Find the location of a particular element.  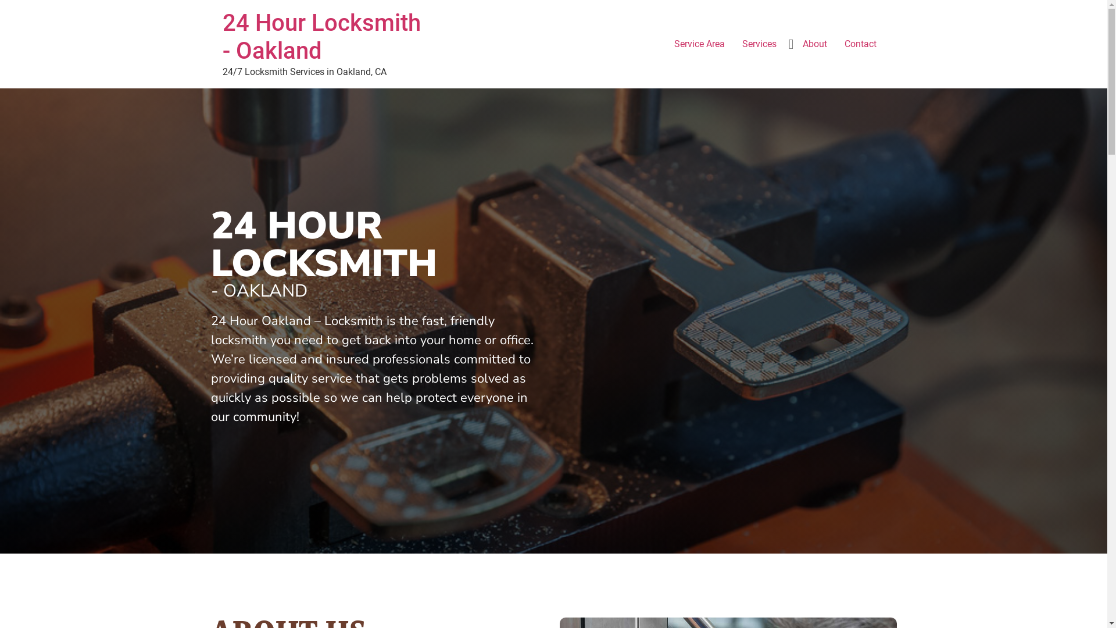

'24 Hour Locksmith - Oakland' is located at coordinates (321, 36).